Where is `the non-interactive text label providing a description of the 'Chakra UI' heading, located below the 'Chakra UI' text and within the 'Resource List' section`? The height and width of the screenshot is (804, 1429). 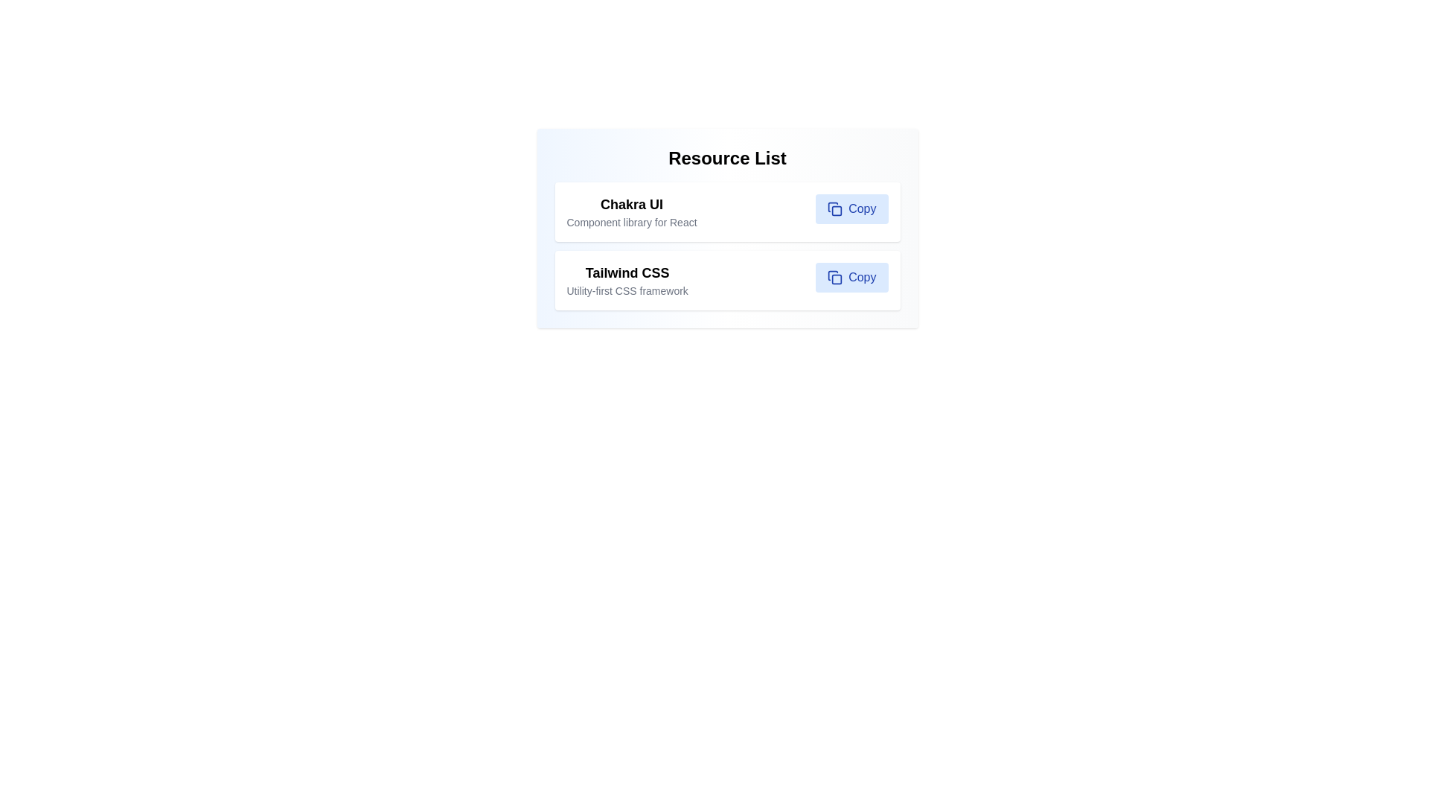 the non-interactive text label providing a description of the 'Chakra UI' heading, located below the 'Chakra UI' text and within the 'Resource List' section is located at coordinates (632, 223).